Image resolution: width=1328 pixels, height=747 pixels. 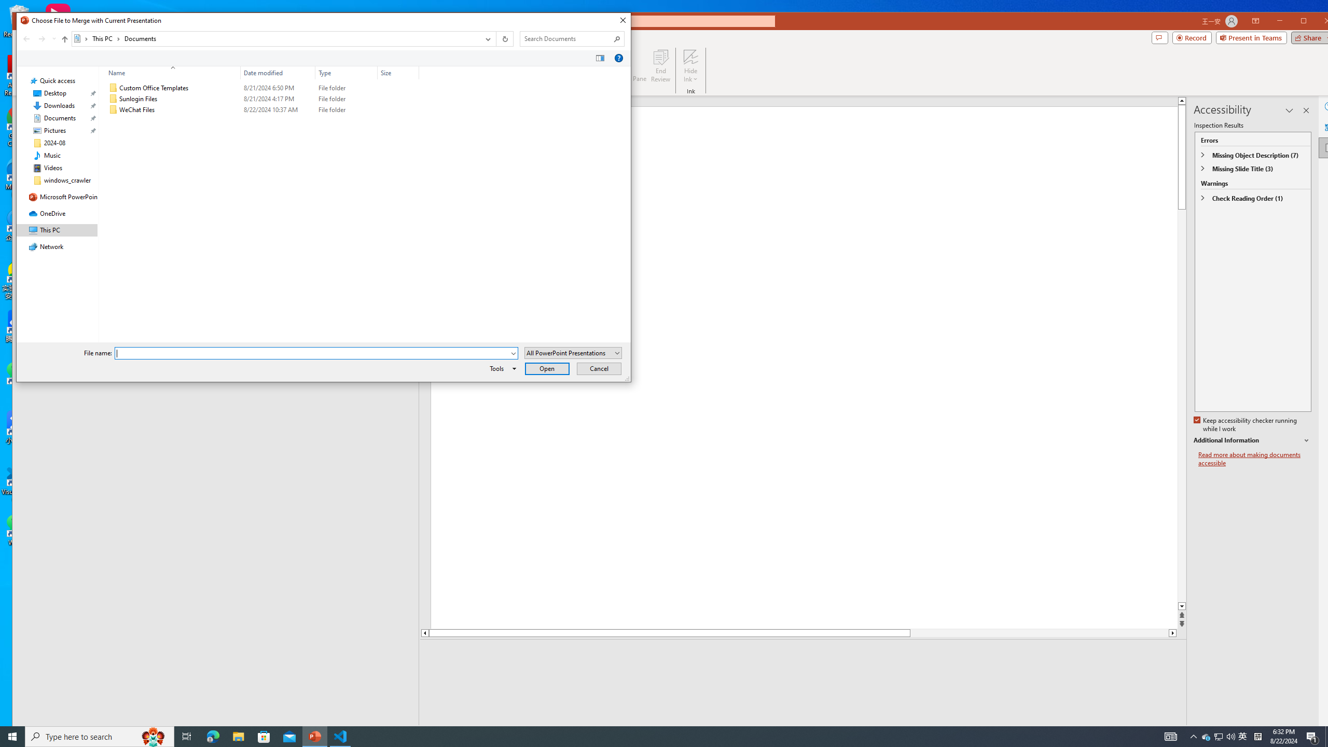 I want to click on 'Task View', so click(x=186, y=736).